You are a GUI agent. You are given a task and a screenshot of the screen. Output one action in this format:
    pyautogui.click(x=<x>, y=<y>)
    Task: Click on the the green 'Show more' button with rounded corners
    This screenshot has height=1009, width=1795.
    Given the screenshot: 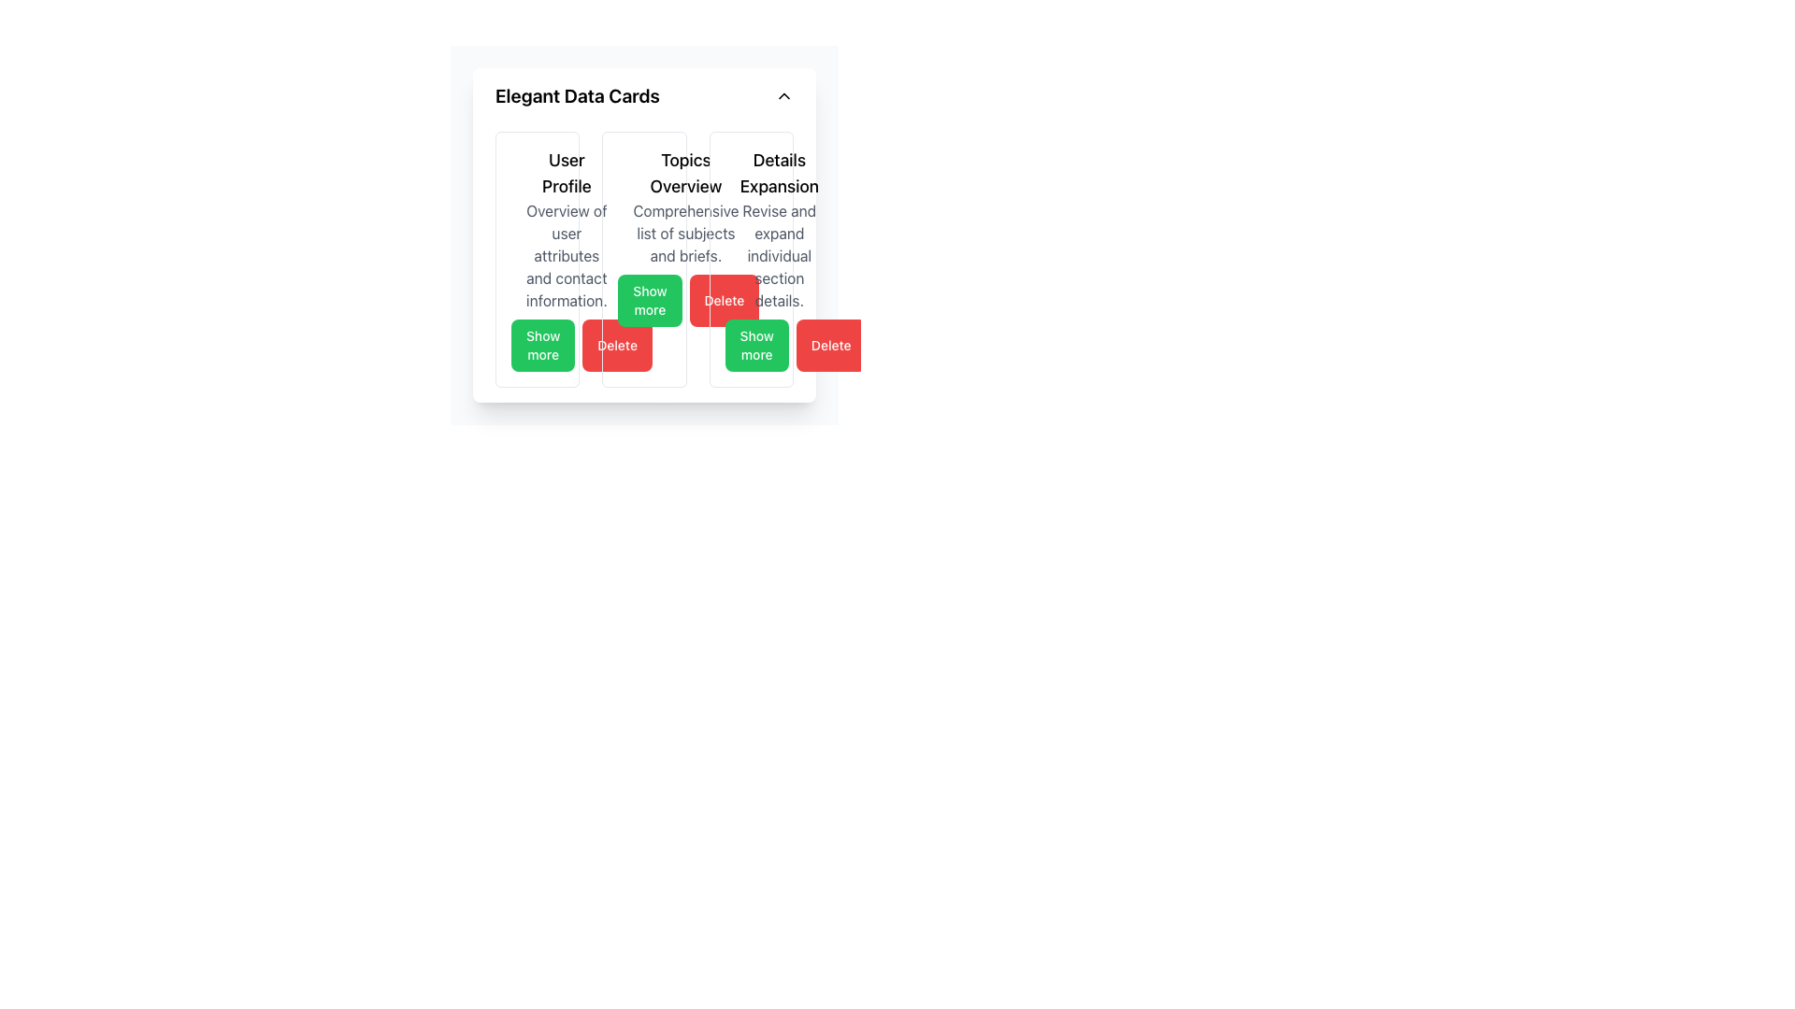 What is the action you would take?
    pyautogui.click(x=650, y=299)
    